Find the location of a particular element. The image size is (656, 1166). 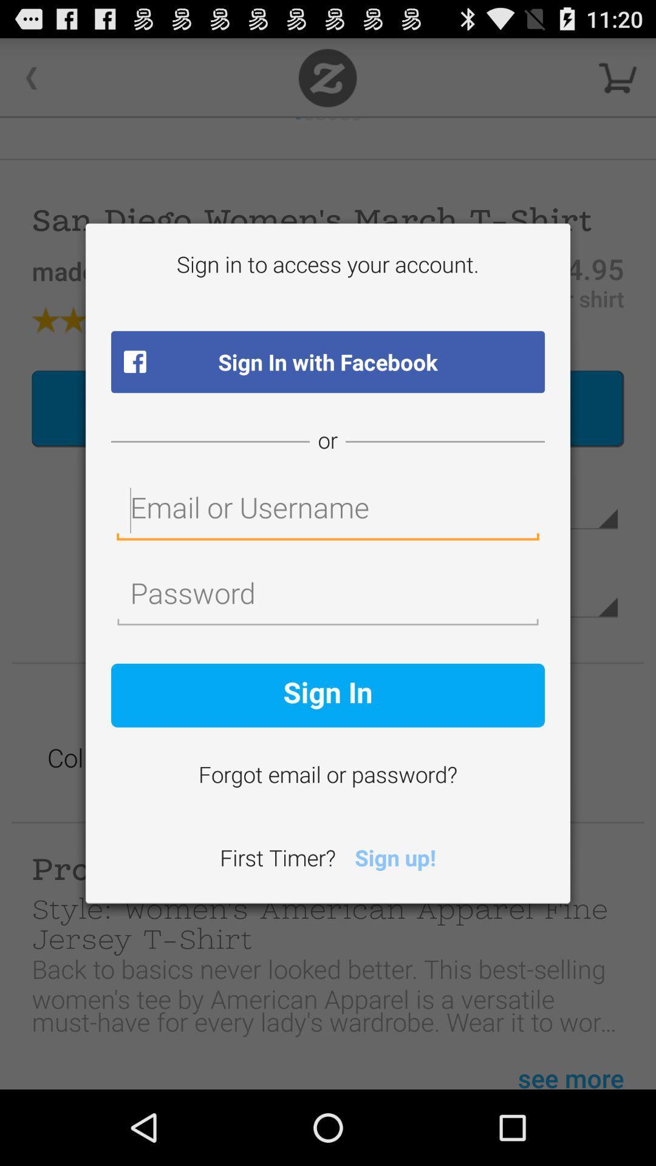

the icon to the right of first timer? icon is located at coordinates (395, 859).